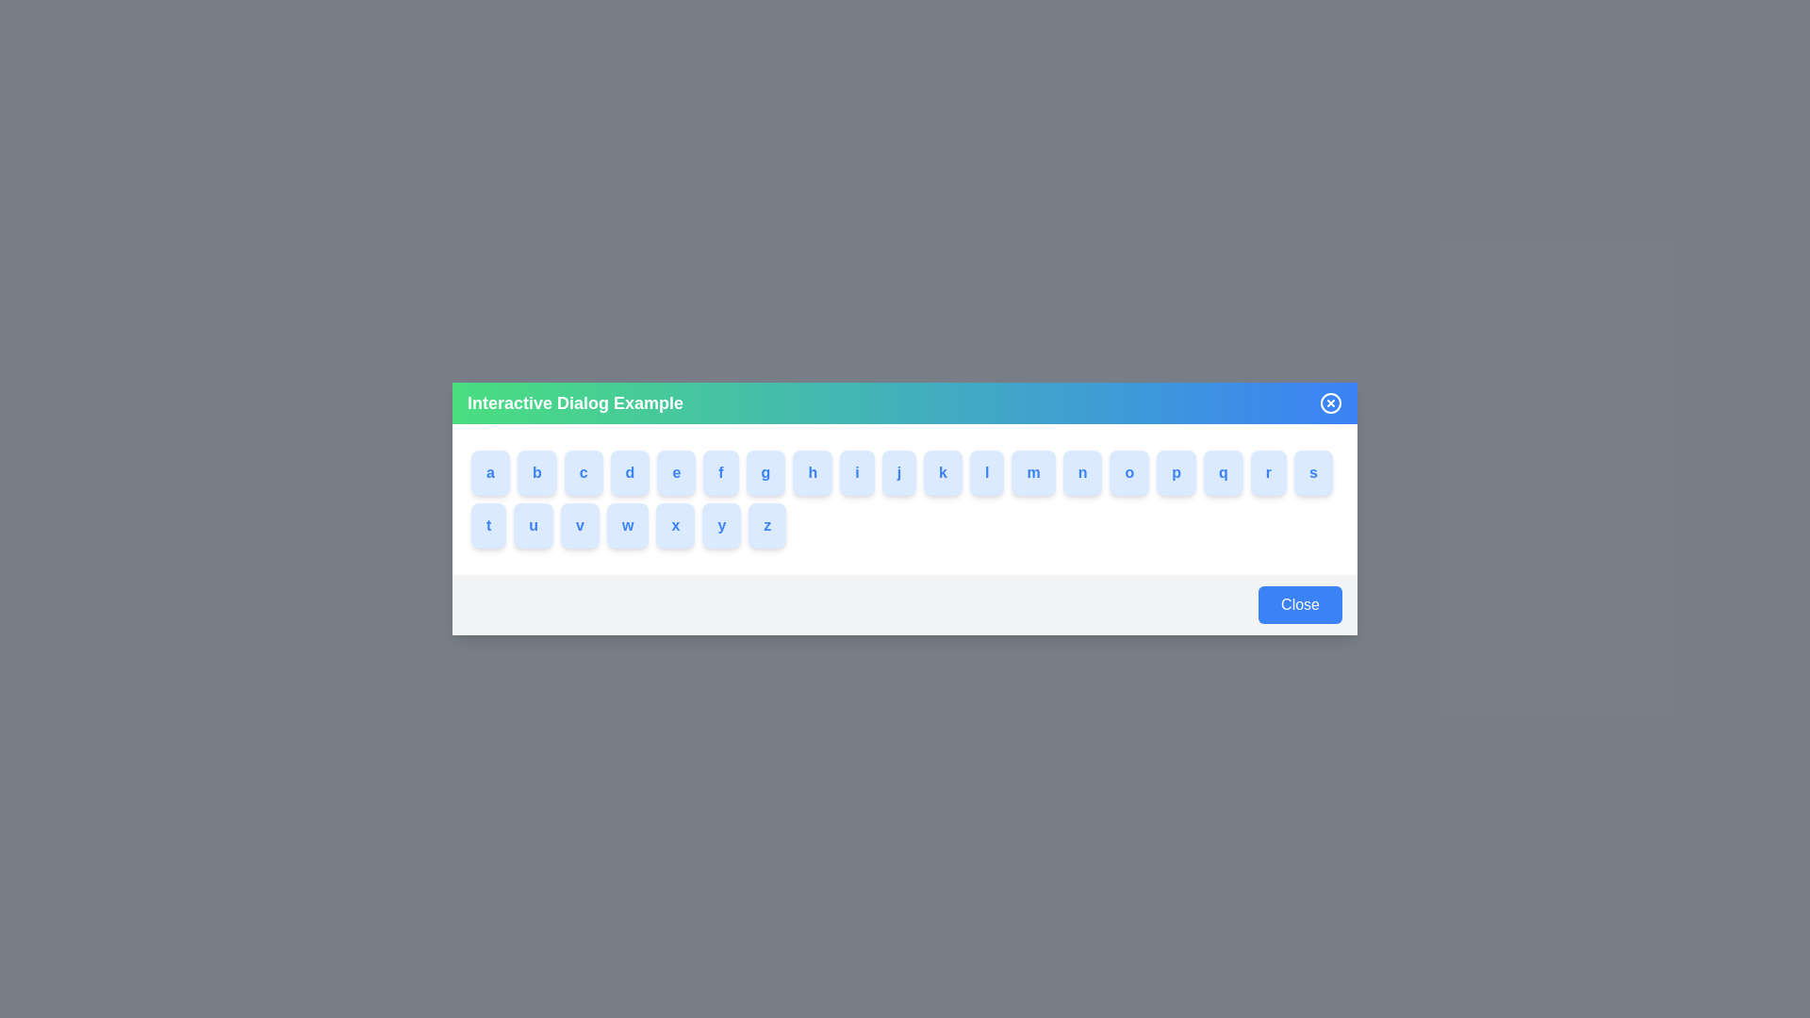 This screenshot has width=1810, height=1018. Describe the element at coordinates (724, 526) in the screenshot. I see `the button labeled with y` at that location.